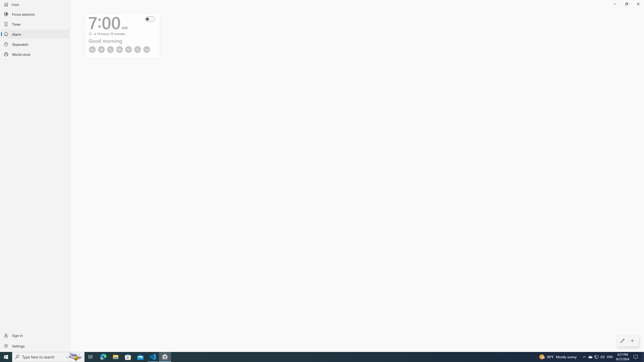  What do you see at coordinates (35, 14) in the screenshot?
I see `'Focus sessions'` at bounding box center [35, 14].